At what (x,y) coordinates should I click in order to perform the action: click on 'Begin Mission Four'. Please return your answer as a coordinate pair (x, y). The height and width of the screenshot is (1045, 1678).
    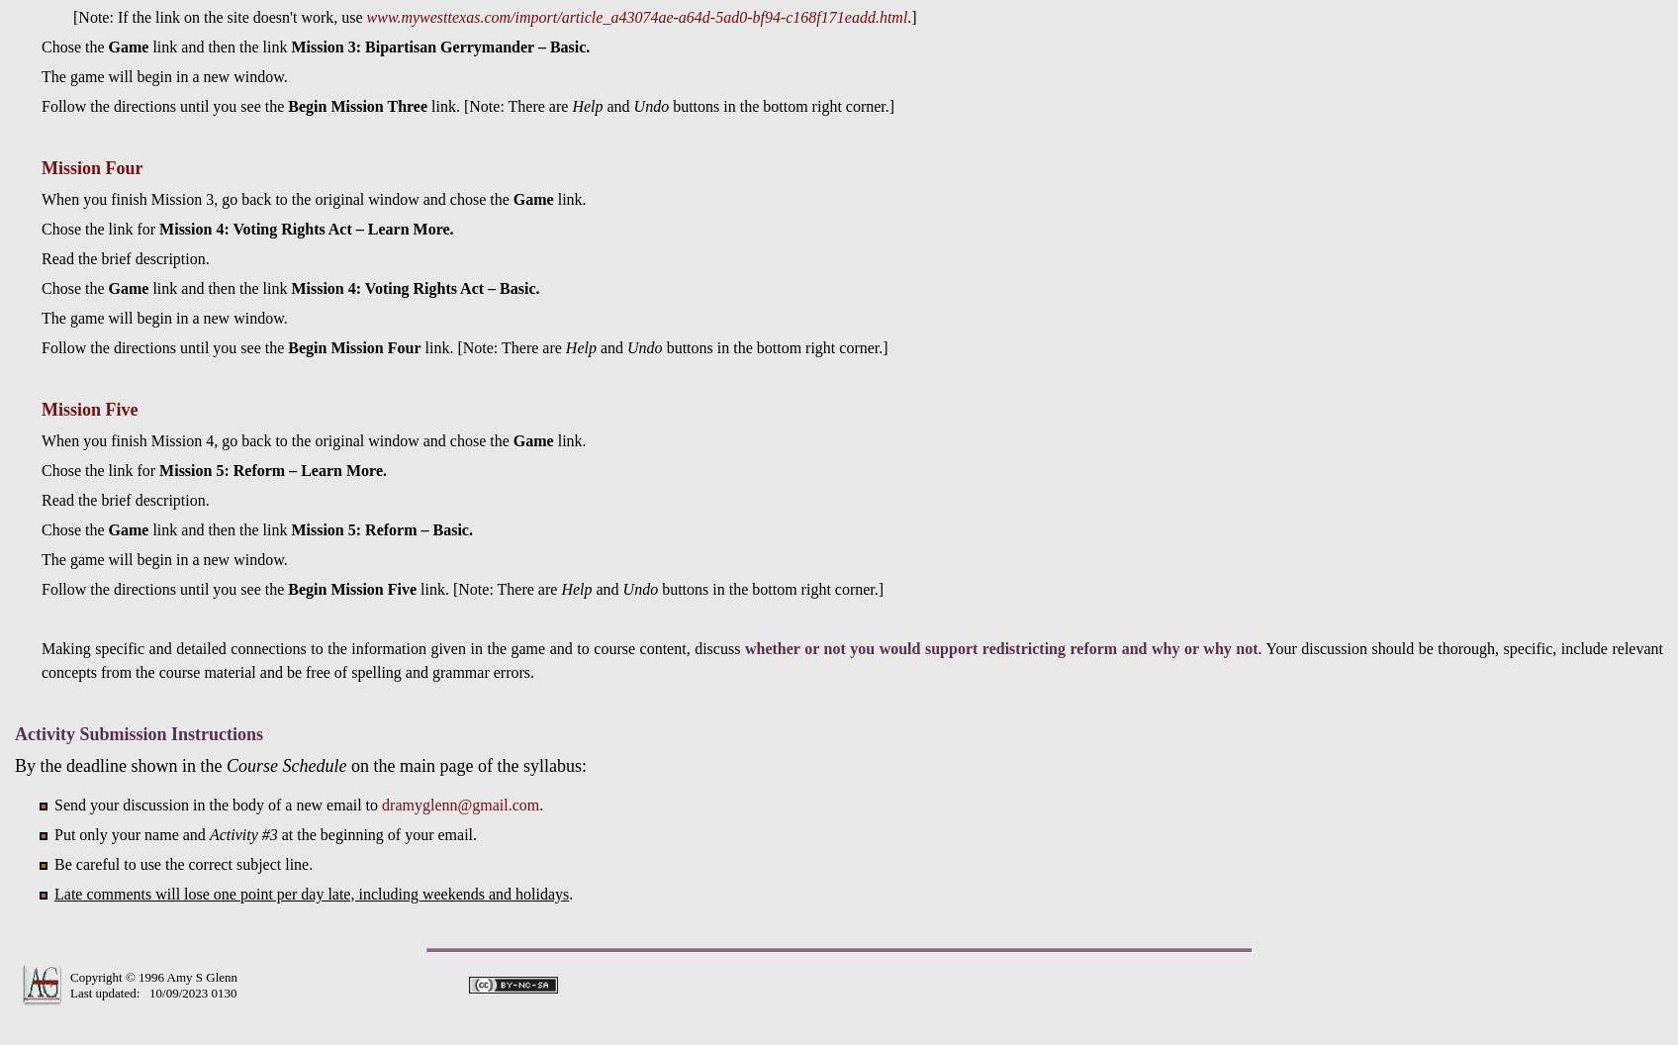
    Looking at the image, I should click on (288, 345).